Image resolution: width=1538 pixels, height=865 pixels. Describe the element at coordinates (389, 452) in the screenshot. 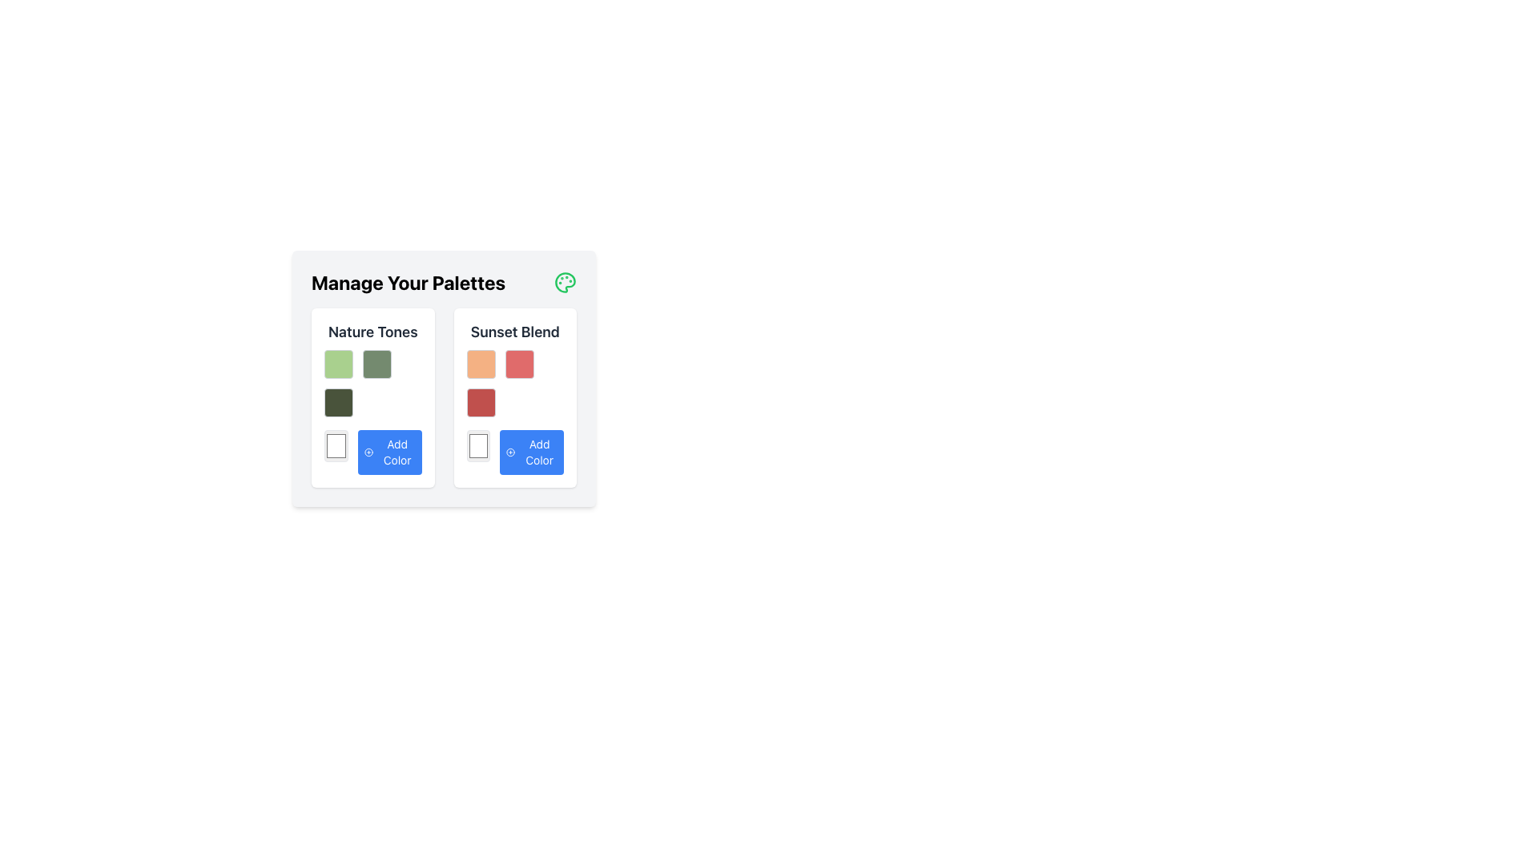

I see `the button located in the lower part of the 'Nature Tones' section` at that location.